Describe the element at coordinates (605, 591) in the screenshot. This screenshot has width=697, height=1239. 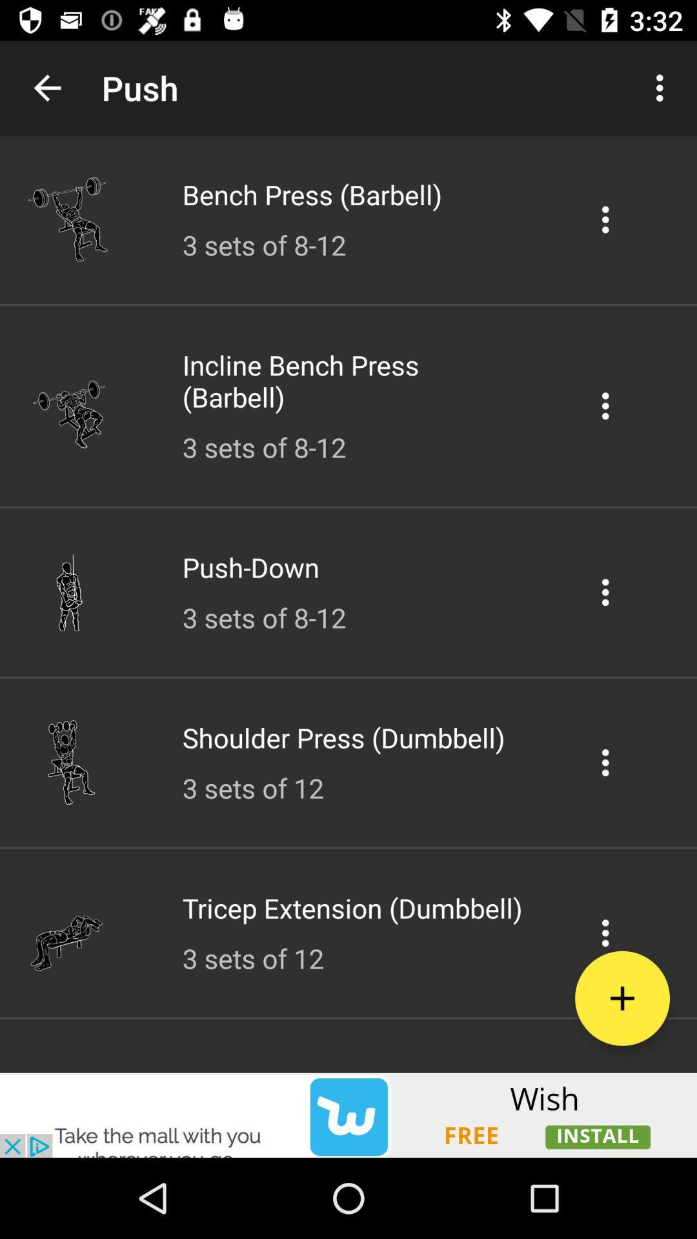
I see `push down options` at that location.